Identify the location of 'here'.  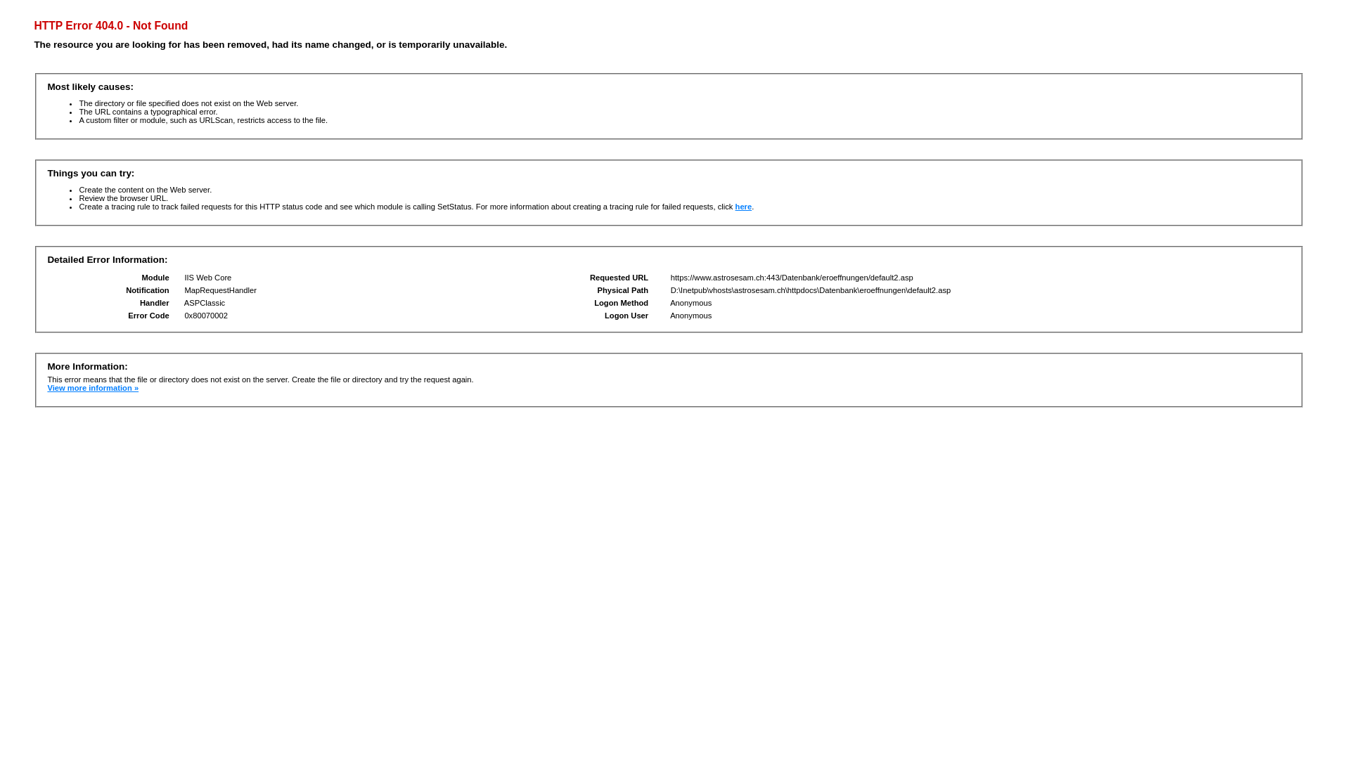
(735, 206).